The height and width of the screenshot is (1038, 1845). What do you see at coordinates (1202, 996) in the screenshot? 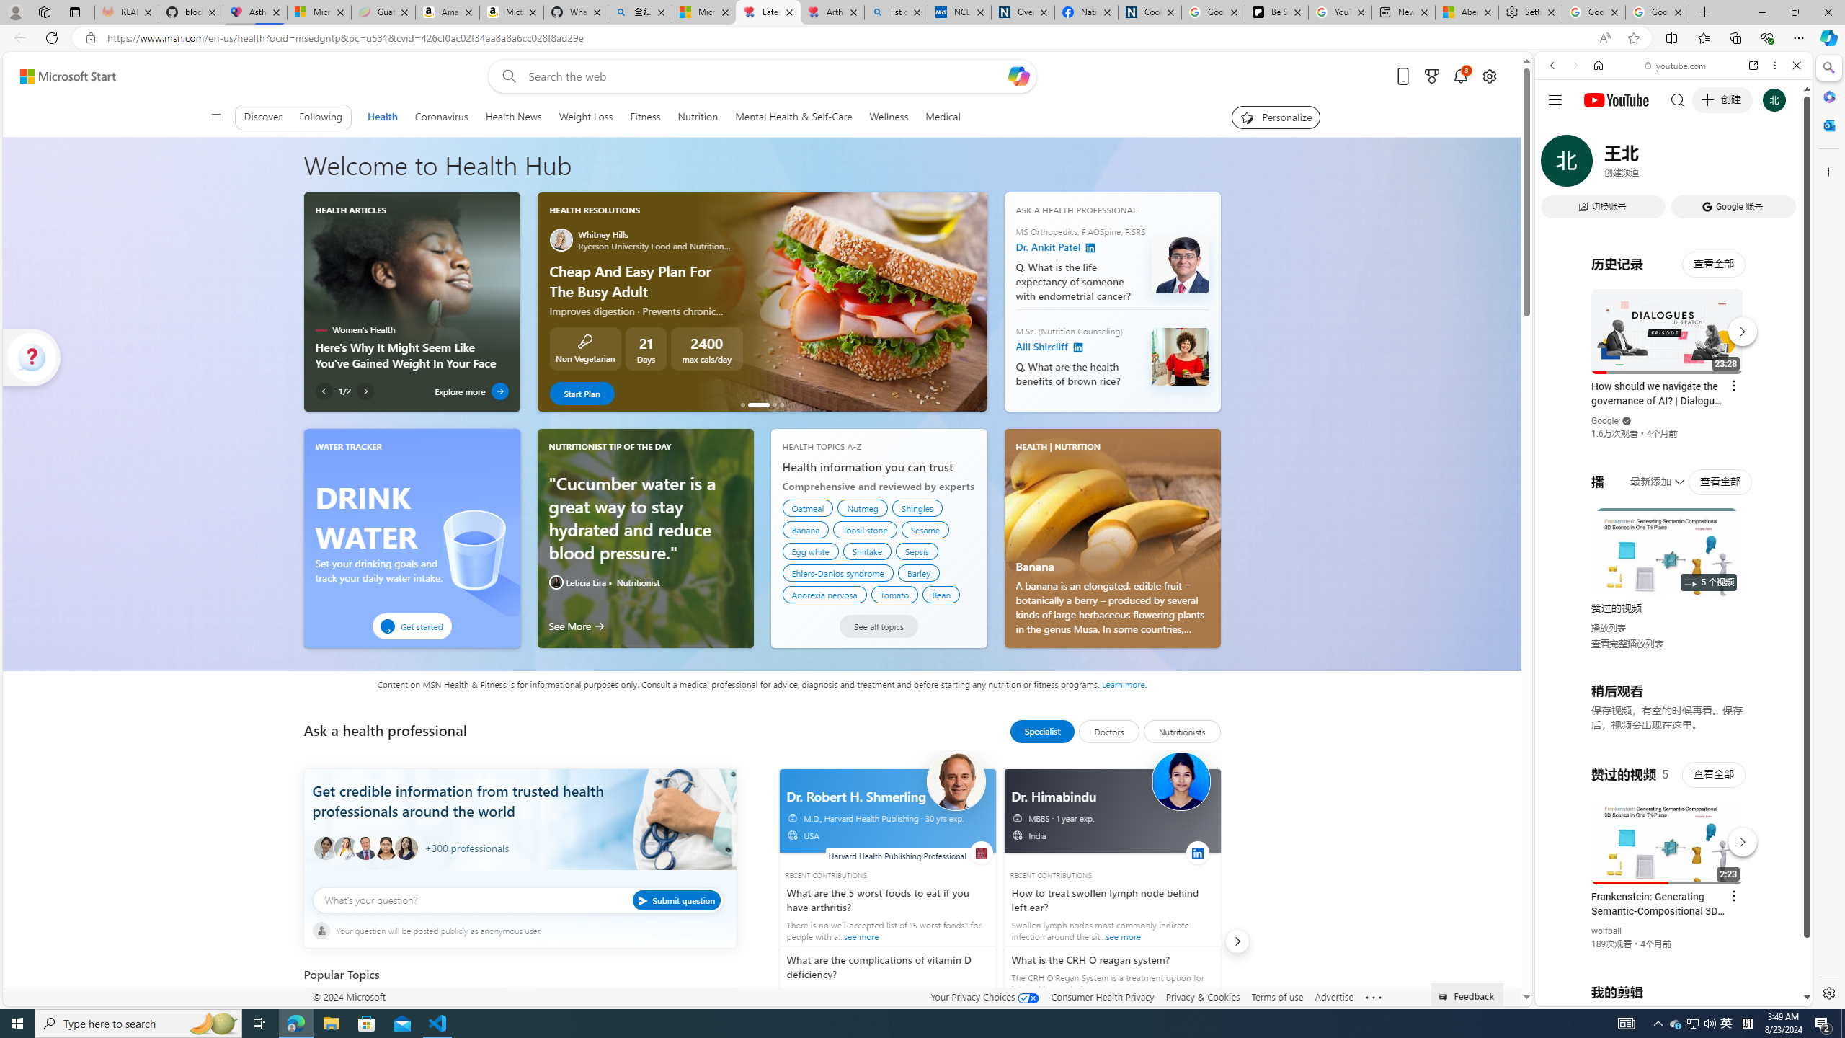
I see `'Privacy & Cookies'` at bounding box center [1202, 996].